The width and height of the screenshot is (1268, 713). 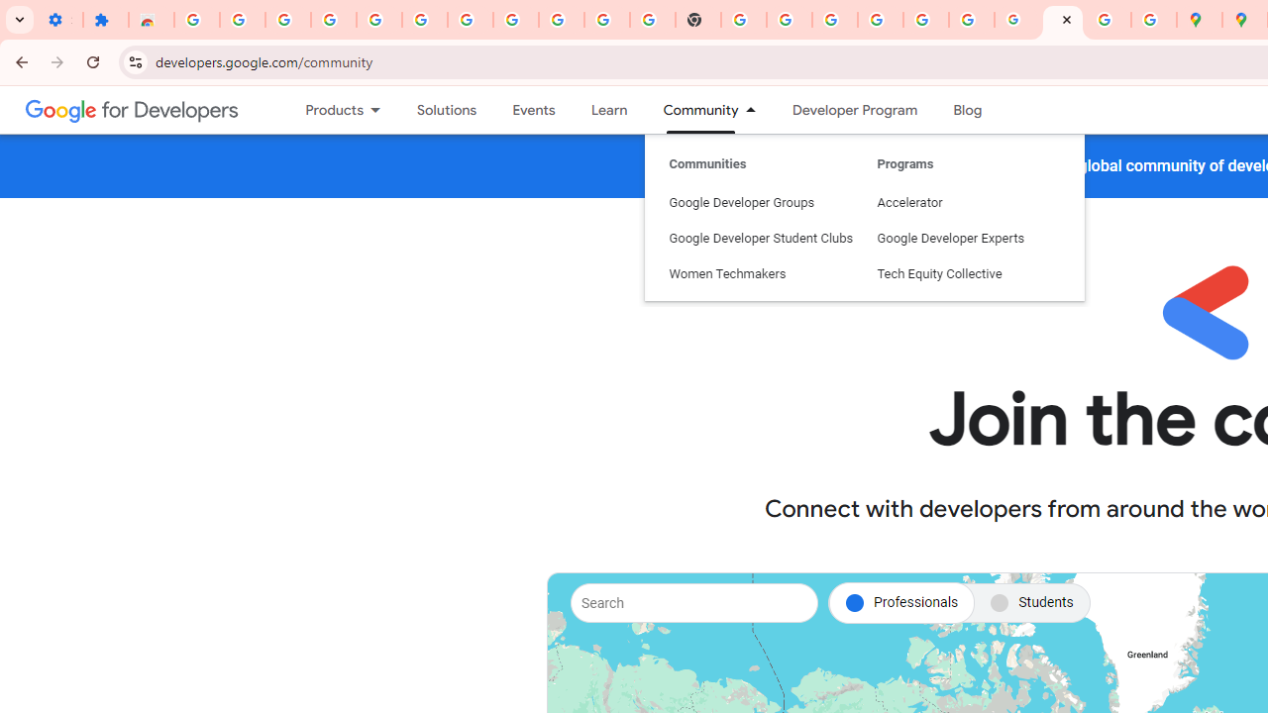 What do you see at coordinates (743, 20) in the screenshot?
I see `'https://scholar.google.com/'` at bounding box center [743, 20].